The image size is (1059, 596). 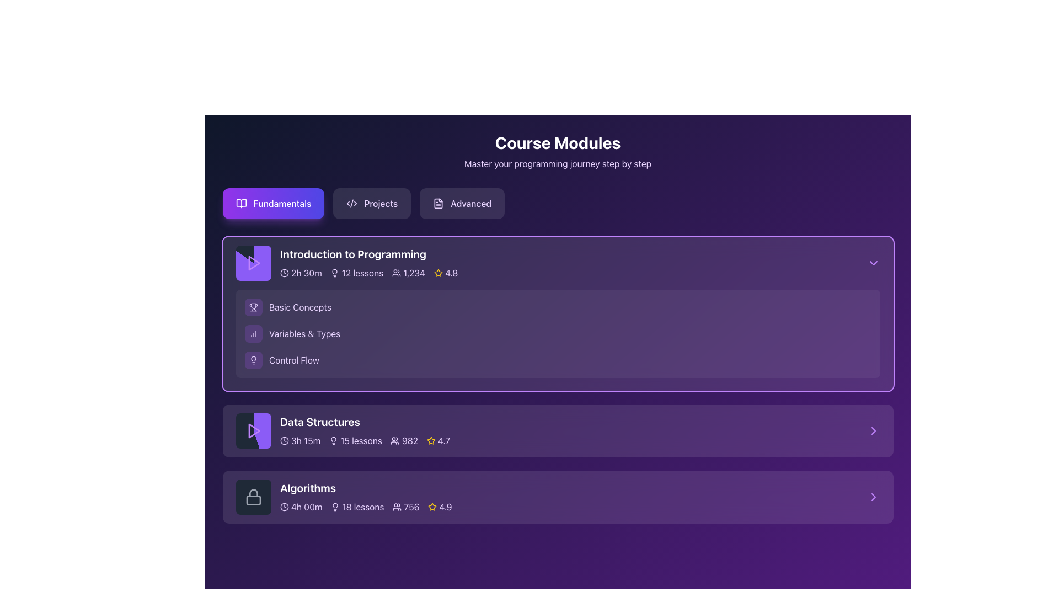 What do you see at coordinates (284, 273) in the screenshot?
I see `the circular clock icon that is styled with a minimalistic design, located to the left of the text '2h 30m' in the course card for 'Introduction to Programming'` at bounding box center [284, 273].